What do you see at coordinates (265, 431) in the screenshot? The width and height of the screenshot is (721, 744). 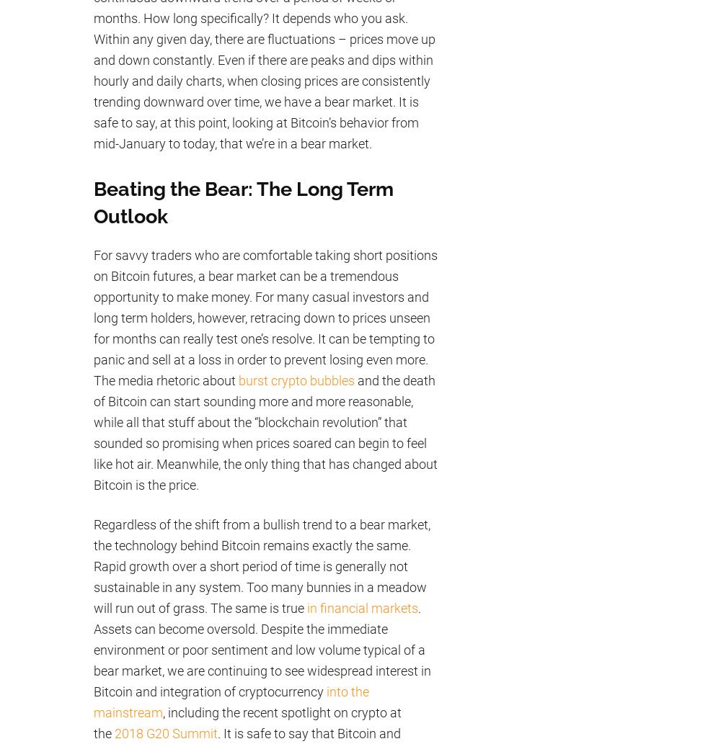 I see `'and the death of Bitcoin can start sounding more and more reasonable, while all that stuff about the “blockchain revolution” that sounded so promising when prices soared can begin to feel like hot air. Meanwhile, the only thing that has changed about Bitcoin is the price.'` at bounding box center [265, 431].